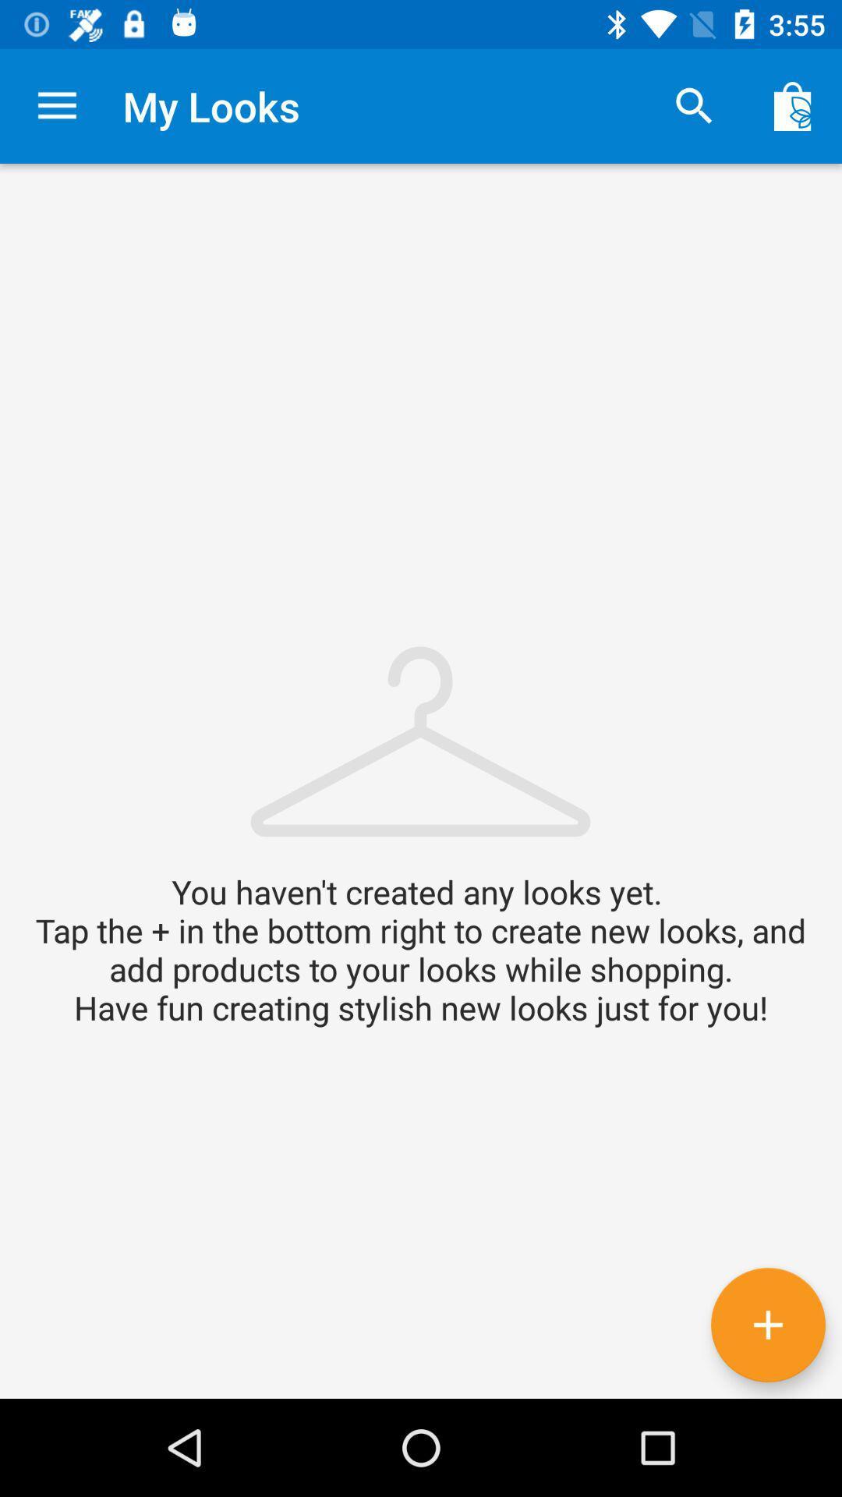 Image resolution: width=842 pixels, height=1497 pixels. What do you see at coordinates (694, 105) in the screenshot?
I see `the icon to the right of the my looks icon` at bounding box center [694, 105].